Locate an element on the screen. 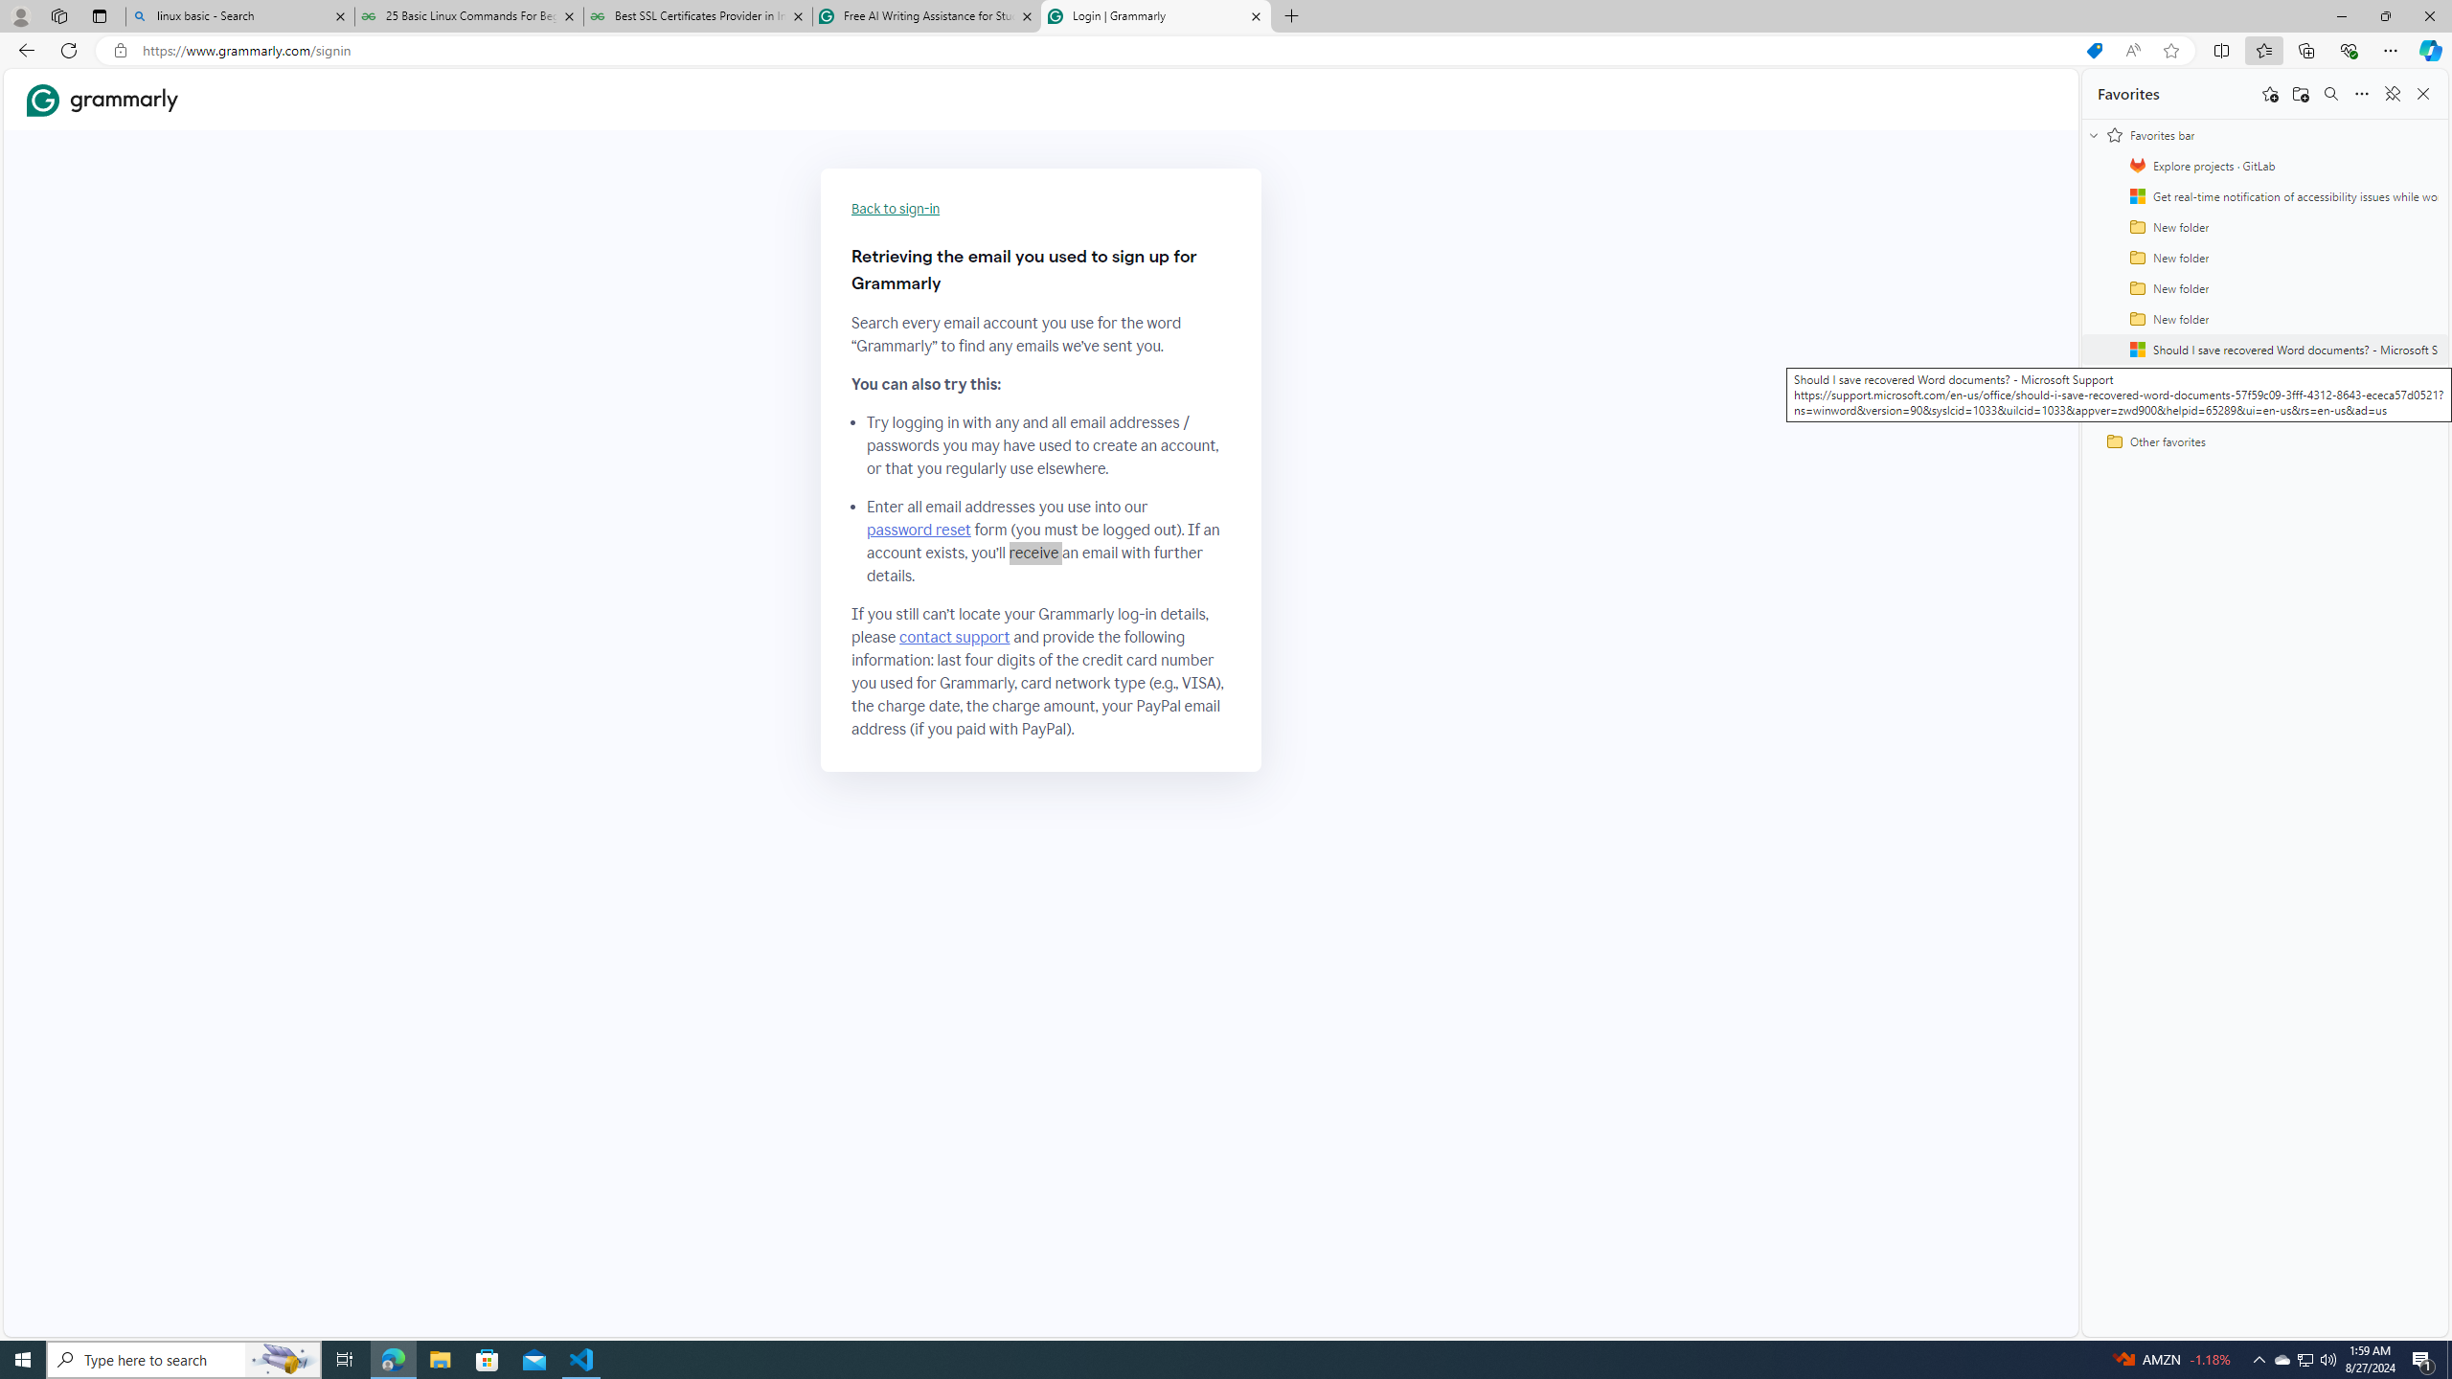 Image resolution: width=2452 pixels, height=1379 pixels. '25 Basic Linux Commands For Beginners - GeeksforGeeks' is located at coordinates (467, 15).